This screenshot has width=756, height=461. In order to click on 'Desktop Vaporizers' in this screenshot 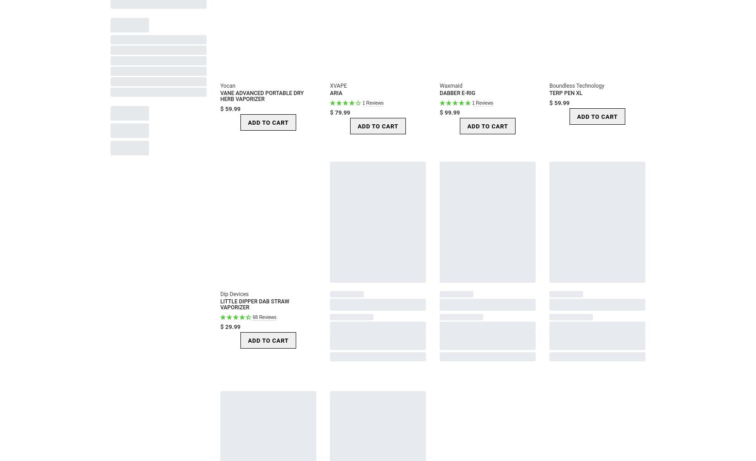, I will do `click(150, 43)`.